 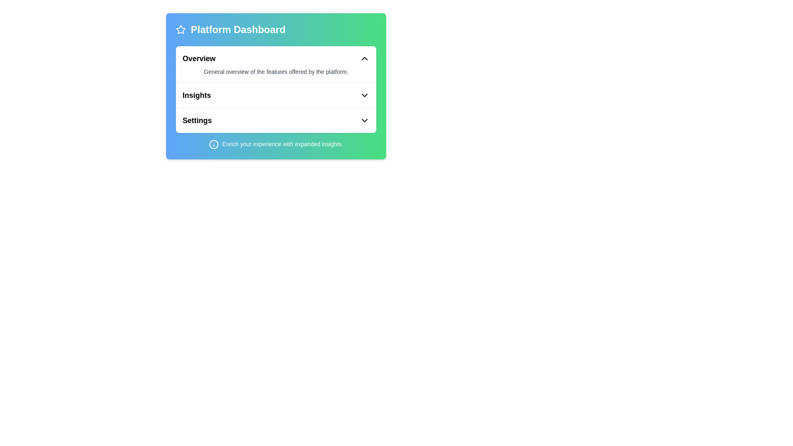 I want to click on the Button with an attached dropdown arrow located as the third item in a vertical sequence within a white card on the 'Platform Dashboard', below the 'Insights' section, so click(x=276, y=121).